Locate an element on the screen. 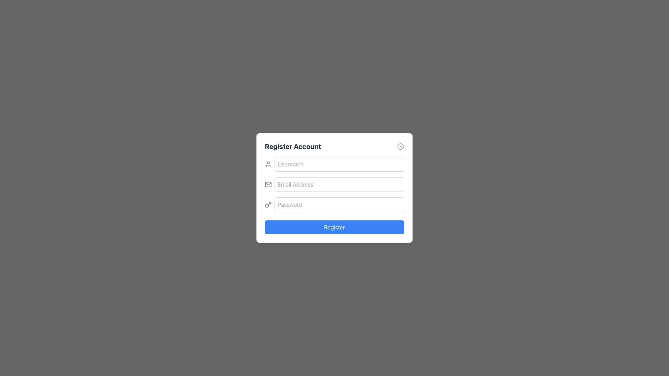 This screenshot has width=669, height=376. the registration button located below the 'Username', 'Email Address', and 'Password' fields in the white box with the header 'Register Account' is located at coordinates (334, 227).